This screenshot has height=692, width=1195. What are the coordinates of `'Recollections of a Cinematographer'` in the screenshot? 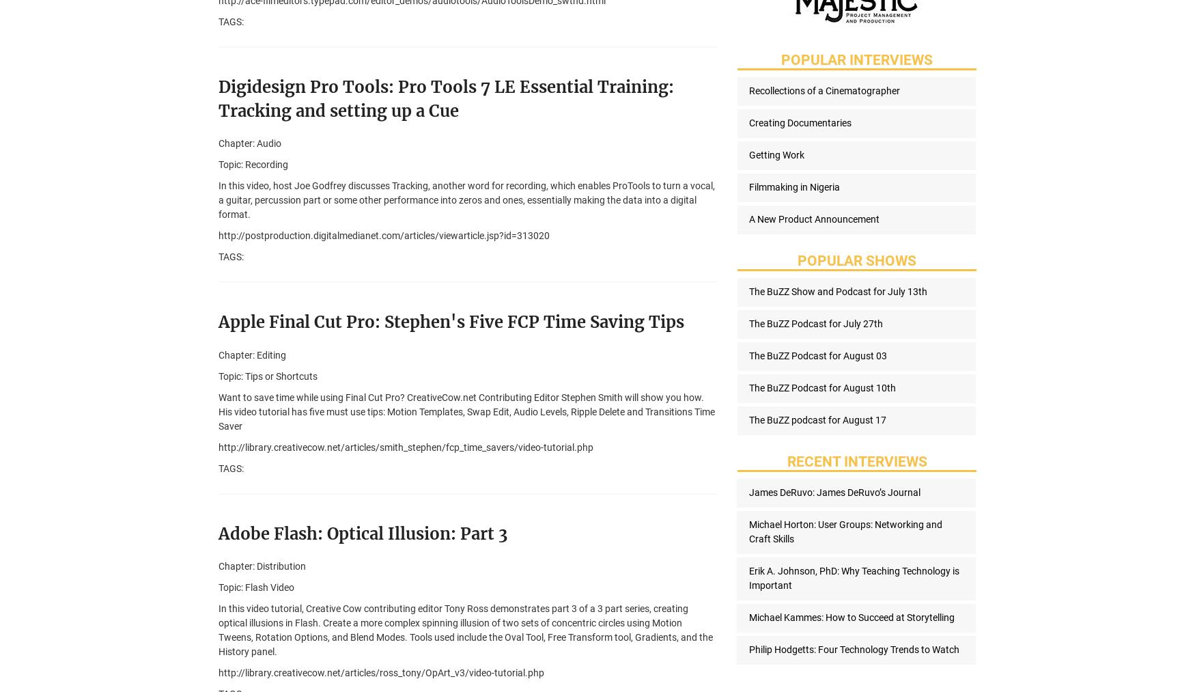 It's located at (748, 91).